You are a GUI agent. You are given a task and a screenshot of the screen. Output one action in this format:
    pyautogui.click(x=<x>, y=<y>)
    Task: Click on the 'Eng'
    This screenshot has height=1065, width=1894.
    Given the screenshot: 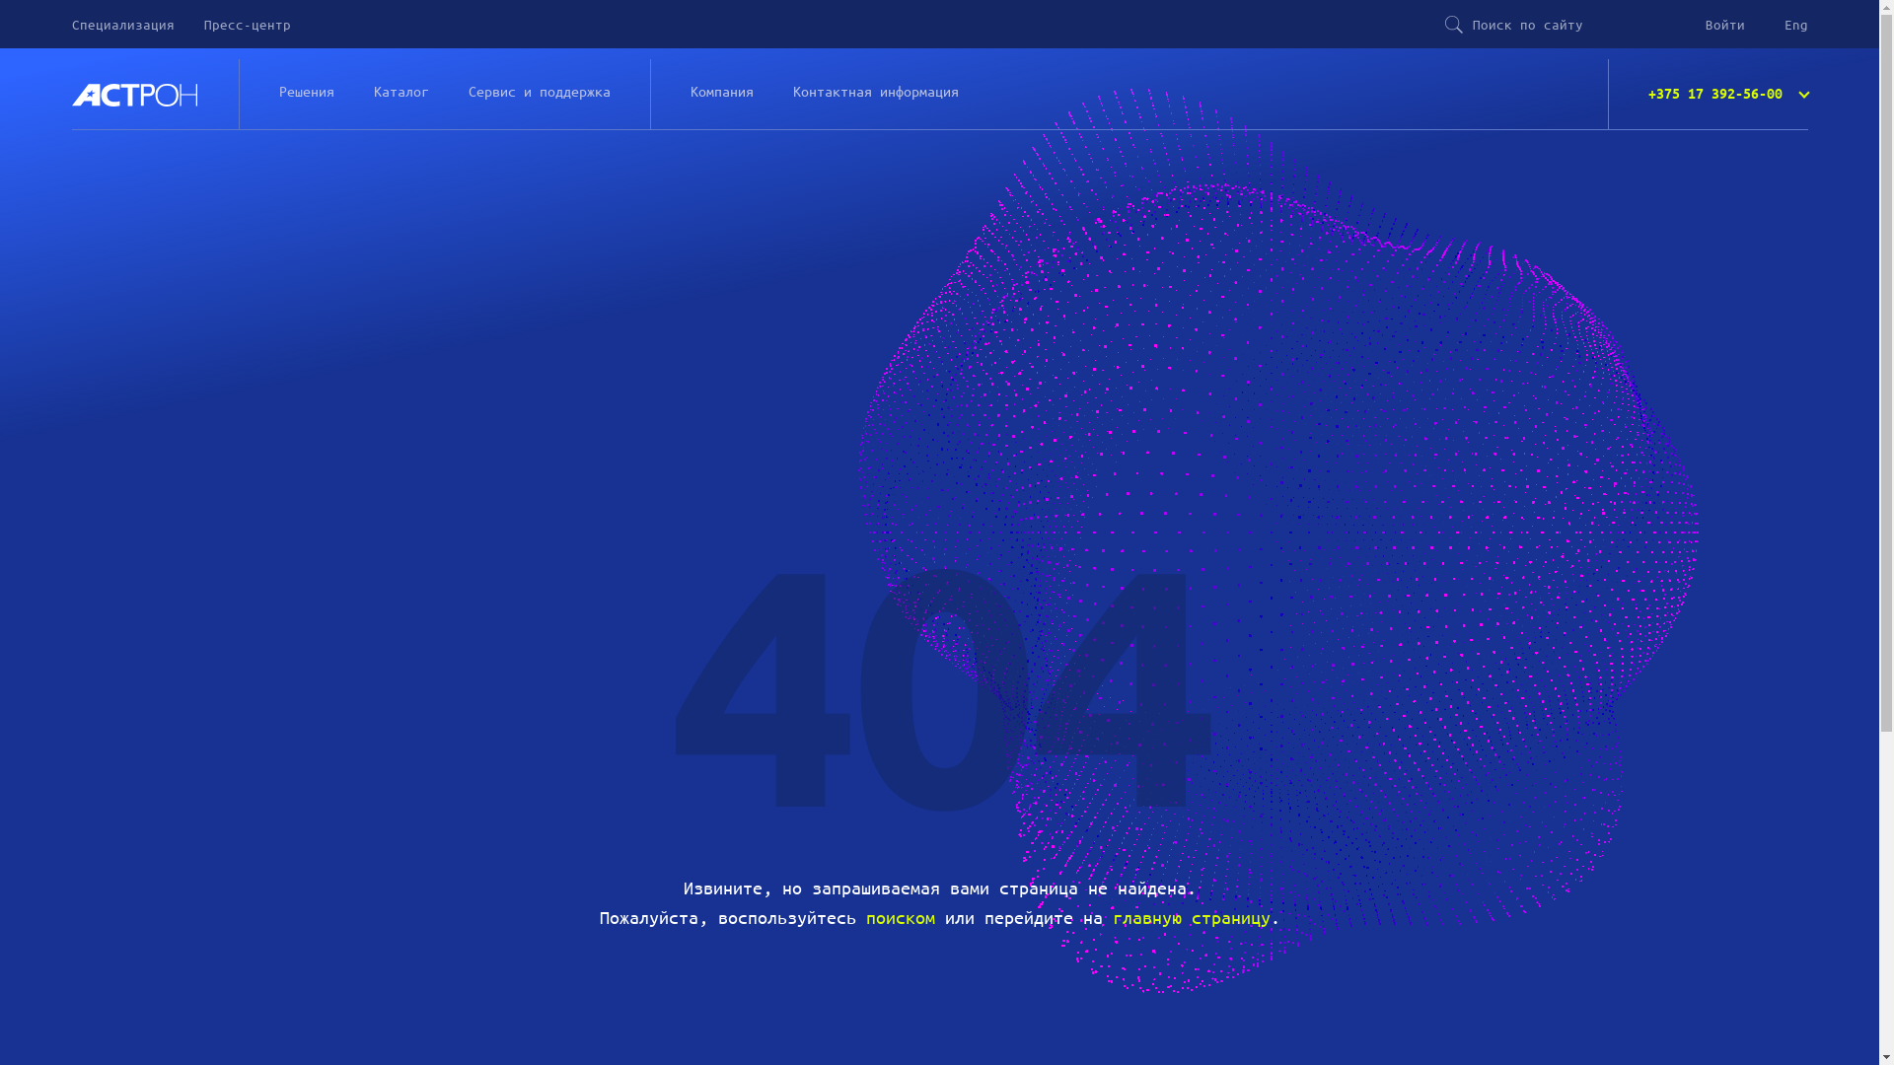 What is the action you would take?
    pyautogui.click(x=1794, y=24)
    